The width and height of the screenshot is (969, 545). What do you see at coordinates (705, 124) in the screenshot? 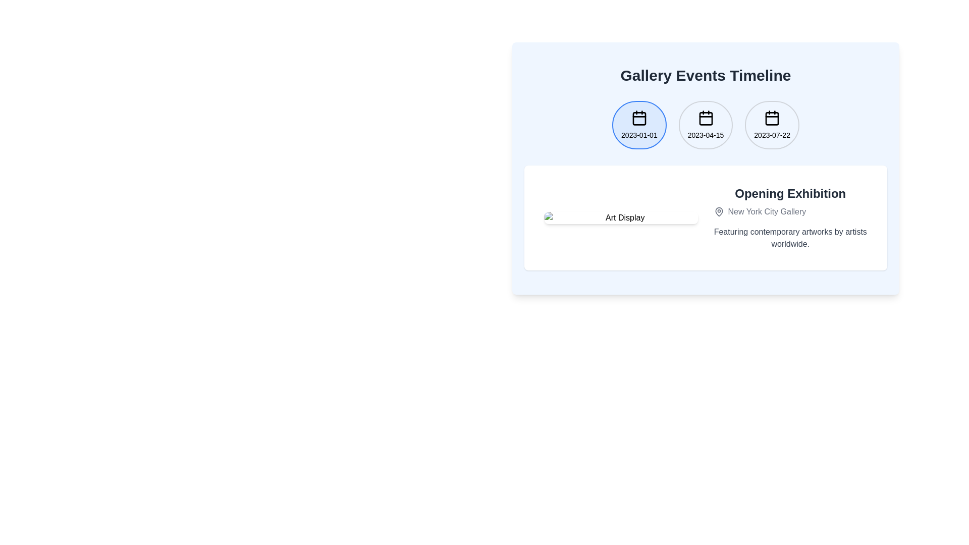
I see `the circular button displaying a calendar icon and the text '2023-04-15' to focus on the event details` at bounding box center [705, 124].